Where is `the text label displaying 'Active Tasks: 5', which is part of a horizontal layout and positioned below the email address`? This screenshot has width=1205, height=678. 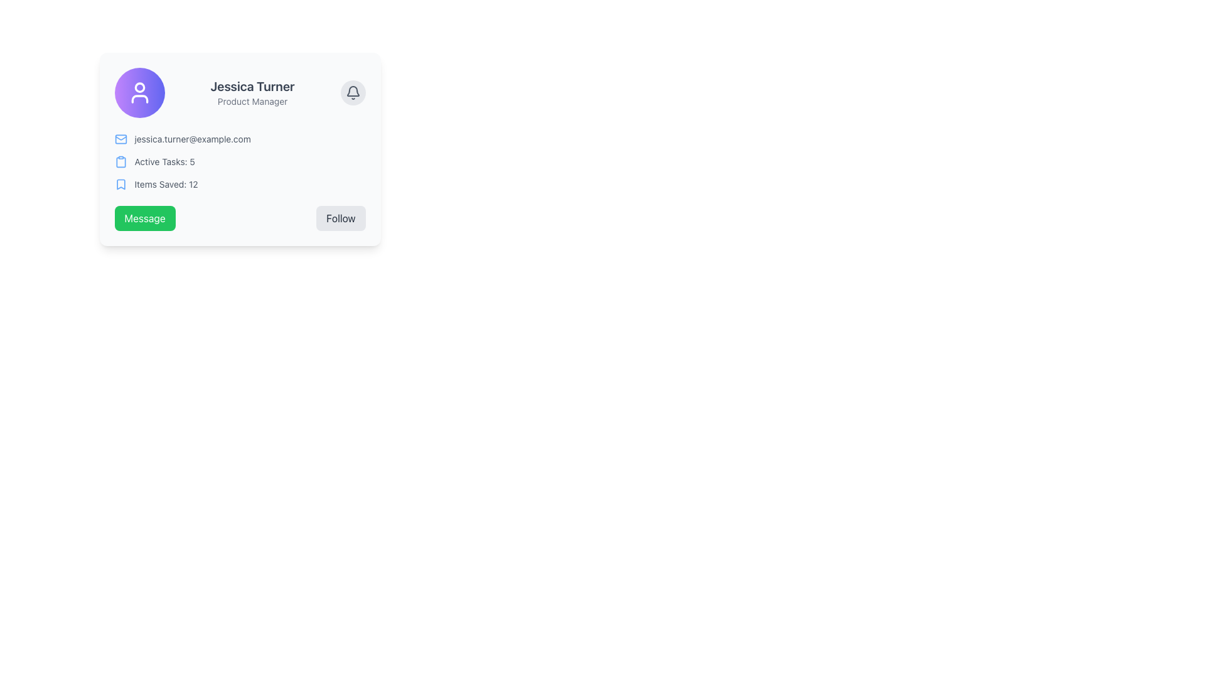
the text label displaying 'Active Tasks: 5', which is part of a horizontal layout and positioned below the email address is located at coordinates (164, 161).